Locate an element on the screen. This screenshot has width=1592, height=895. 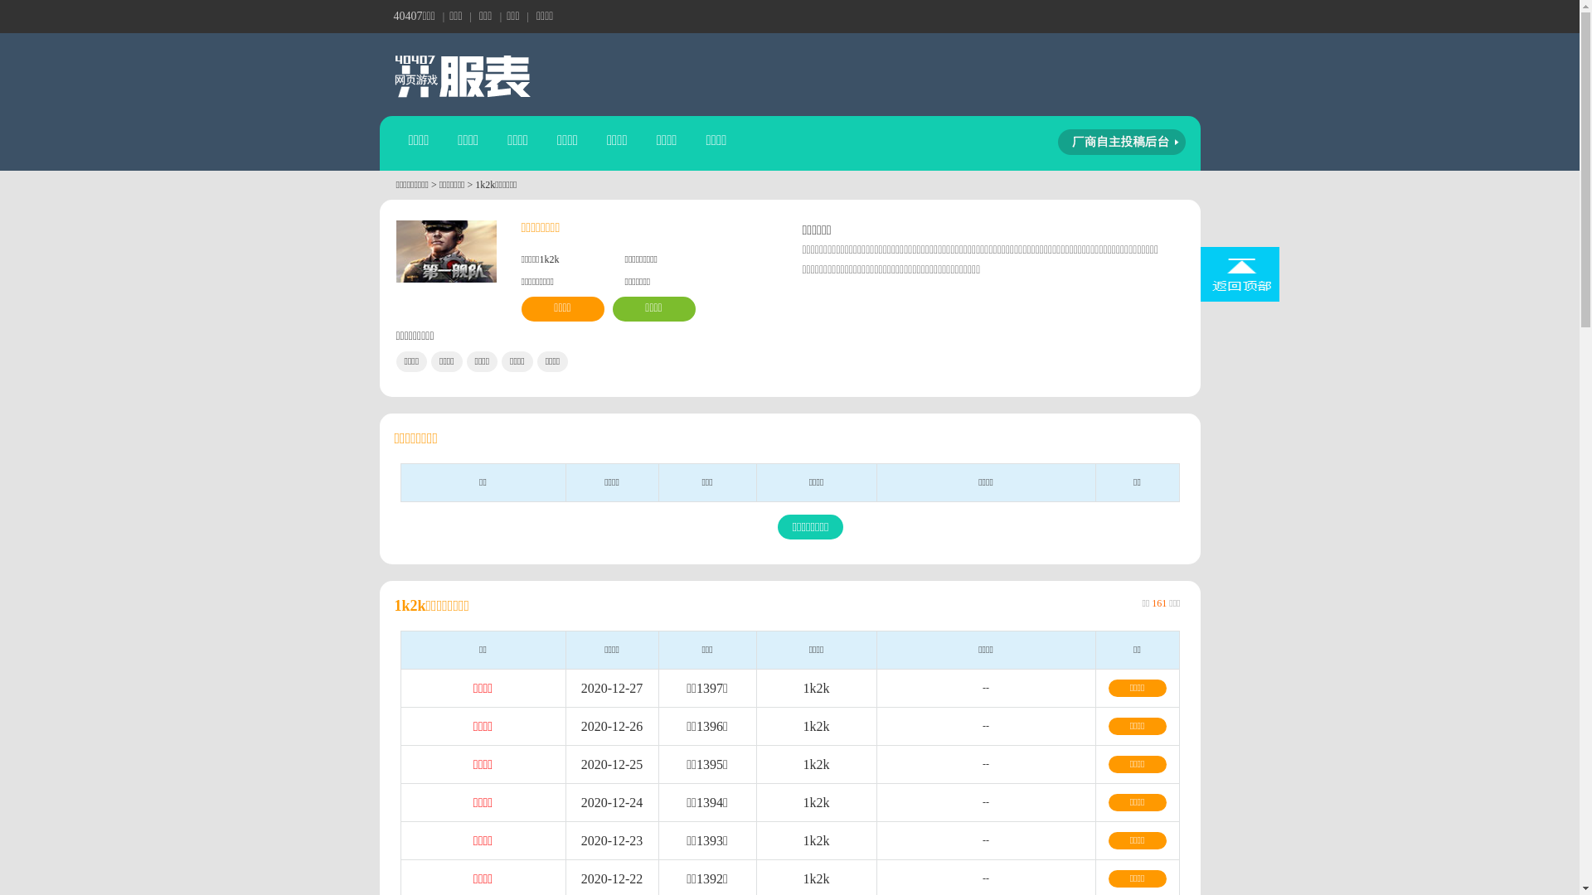
'1k2k' is located at coordinates (815, 725).